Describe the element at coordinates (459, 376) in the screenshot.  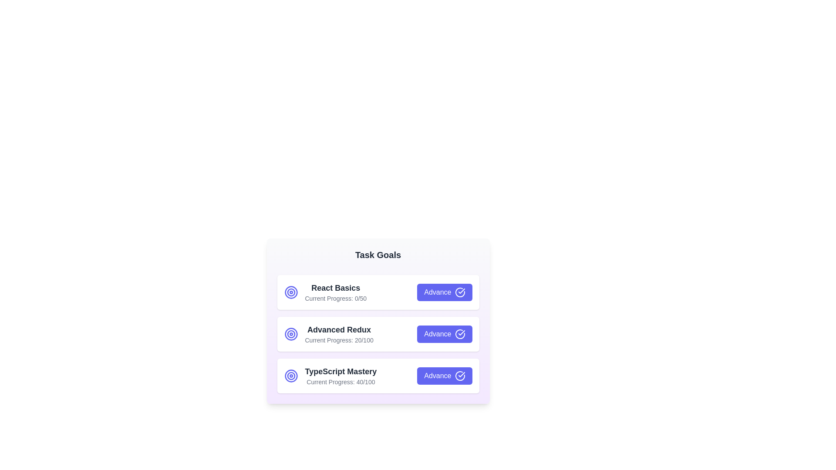
I see `the SVG graphical icon located on the far right of the 'Advance' button in the 'TypeScript Mastery' section, which serves as a confirmation or progress indicator` at that location.